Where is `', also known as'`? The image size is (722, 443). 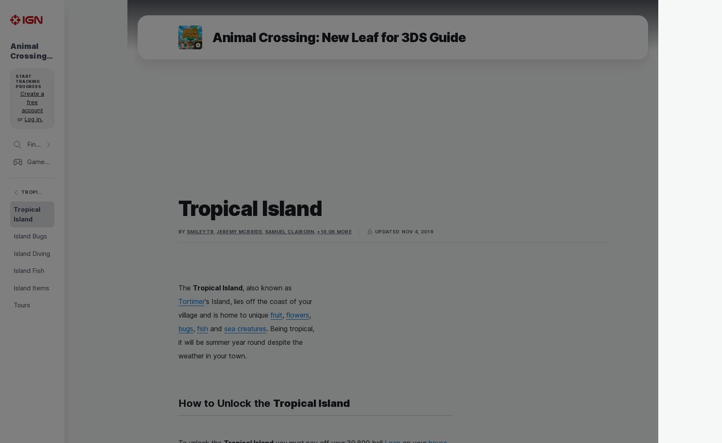 ', also known as' is located at coordinates (267, 287).